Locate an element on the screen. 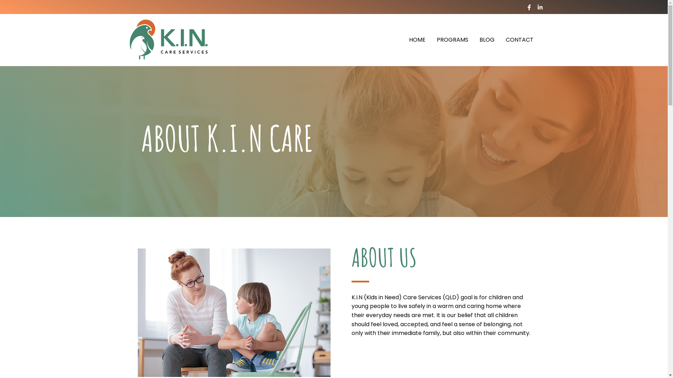  'HOME' is located at coordinates (417, 40).